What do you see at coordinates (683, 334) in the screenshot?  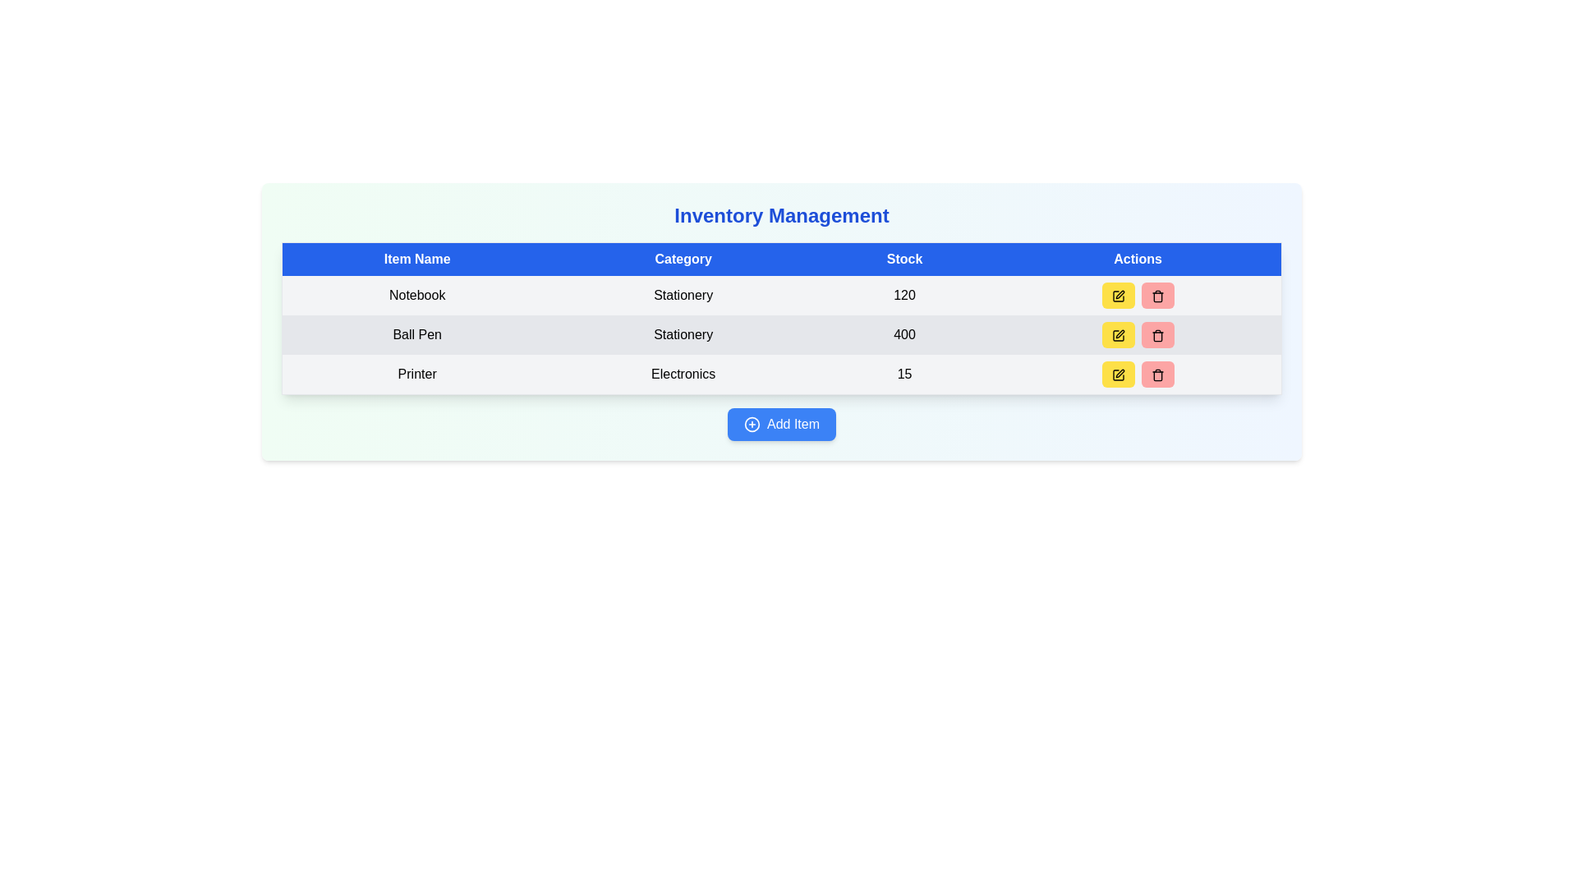 I see `the 'Stationery' text label in the second row of the table under the 'Category' column, corresponding to the 'Ball Pen' item` at bounding box center [683, 334].